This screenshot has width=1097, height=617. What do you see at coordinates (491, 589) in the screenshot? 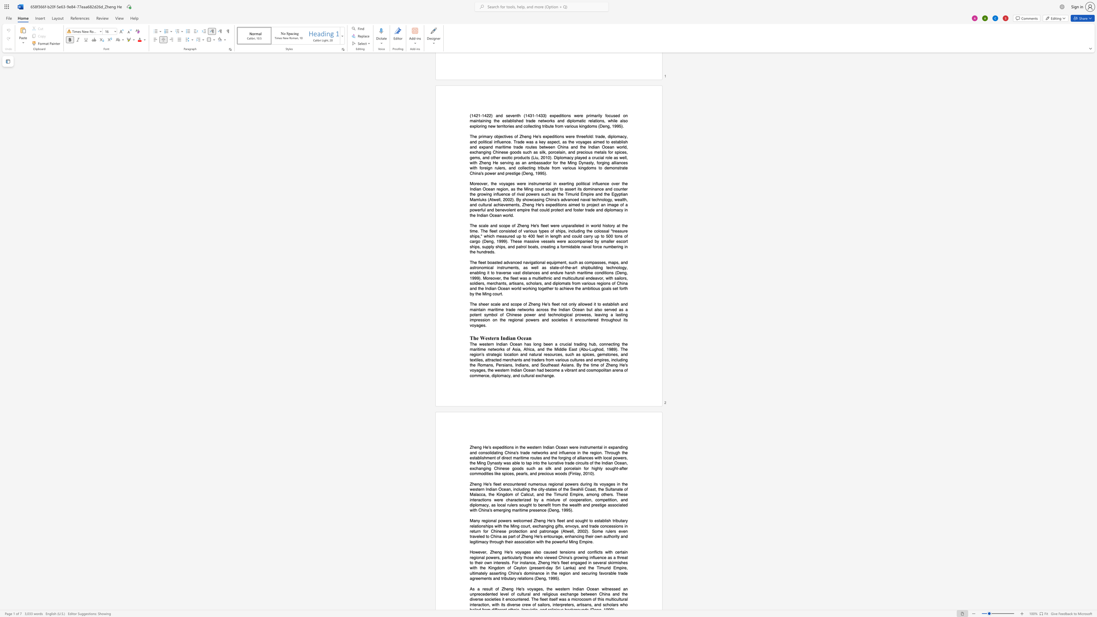
I see `the subset text "t of Zheng He" within the text "As a result of Zheng He"` at bounding box center [491, 589].